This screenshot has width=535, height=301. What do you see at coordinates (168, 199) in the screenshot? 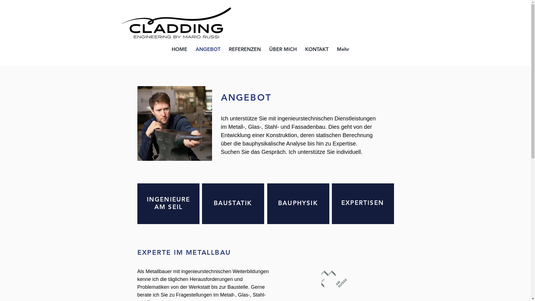
I see `'INGENIEURE'` at bounding box center [168, 199].